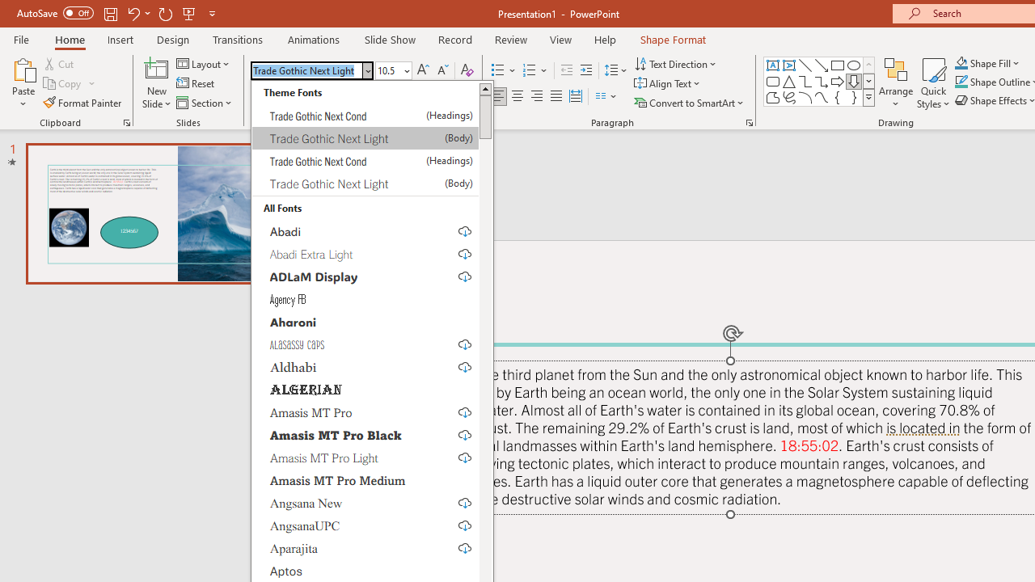  I want to click on 'Decrease Indent', so click(566, 70).